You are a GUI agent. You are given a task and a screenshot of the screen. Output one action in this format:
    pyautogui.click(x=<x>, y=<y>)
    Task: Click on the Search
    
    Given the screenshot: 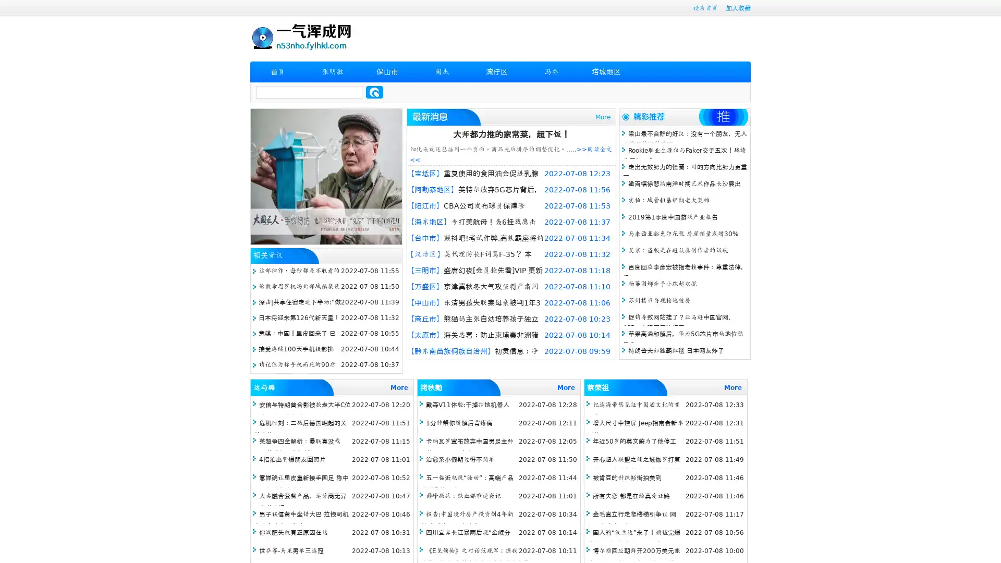 What is the action you would take?
    pyautogui.click(x=374, y=92)
    